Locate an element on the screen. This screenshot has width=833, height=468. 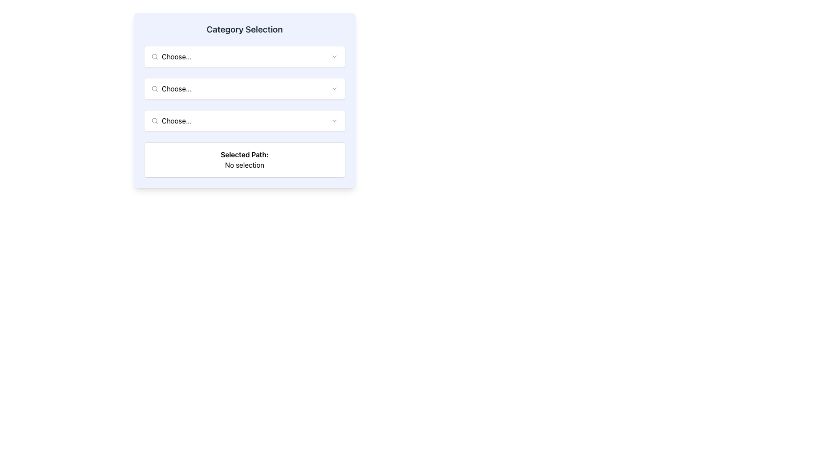
the primary circle of the magnifying glass icon located in the search dropdown area is located at coordinates (154, 56).